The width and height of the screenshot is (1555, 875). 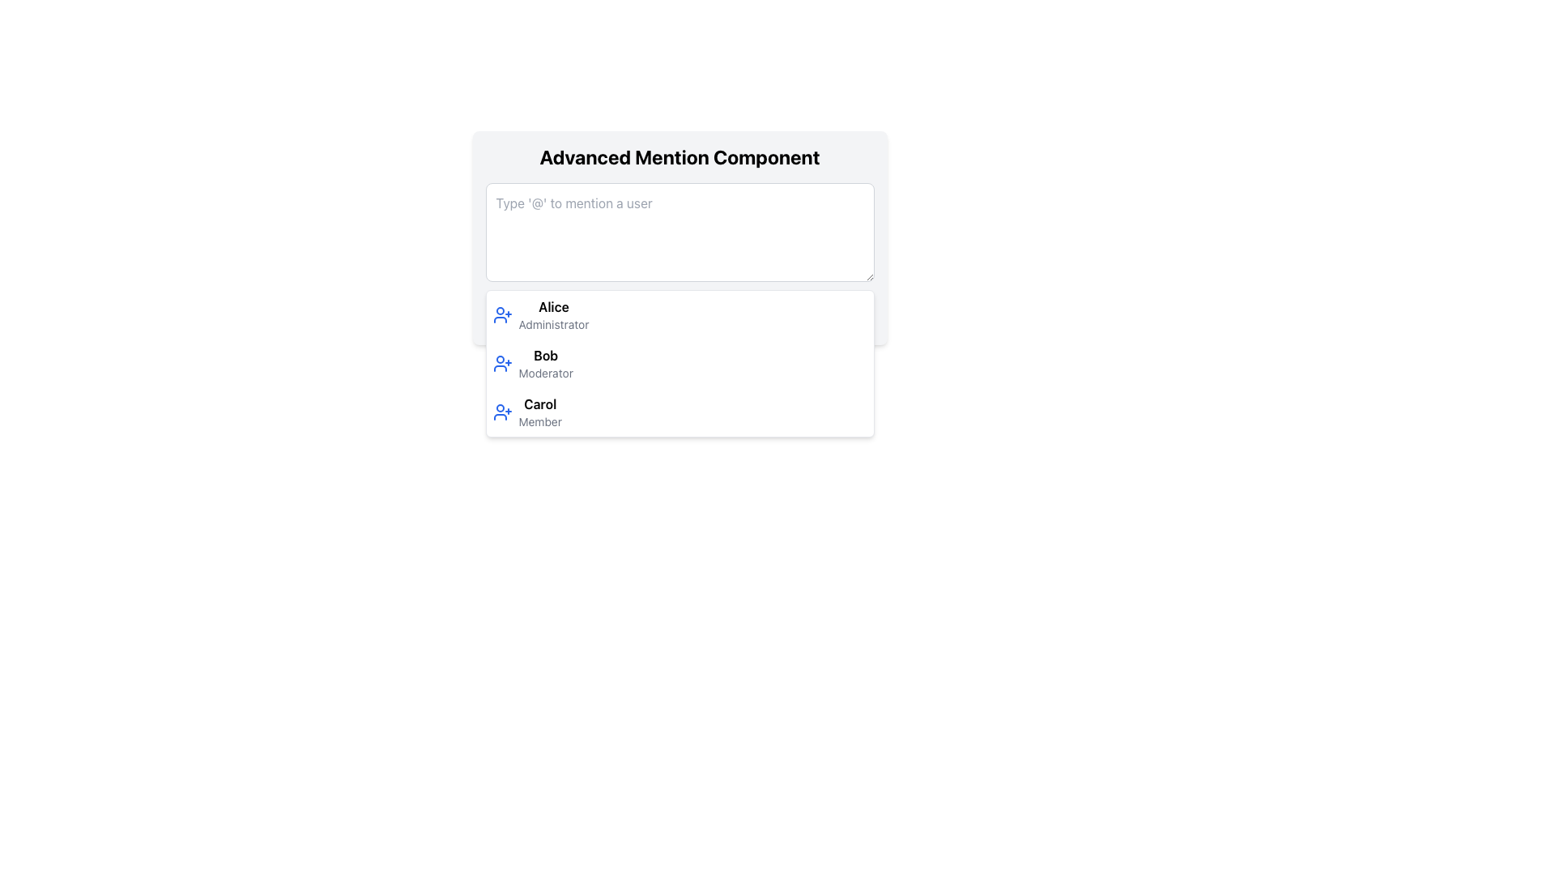 What do you see at coordinates (553, 325) in the screenshot?
I see `the text label displaying the role 'Administrator' in a small, gray font, positioned below the name 'Alice' in the dropdown box` at bounding box center [553, 325].